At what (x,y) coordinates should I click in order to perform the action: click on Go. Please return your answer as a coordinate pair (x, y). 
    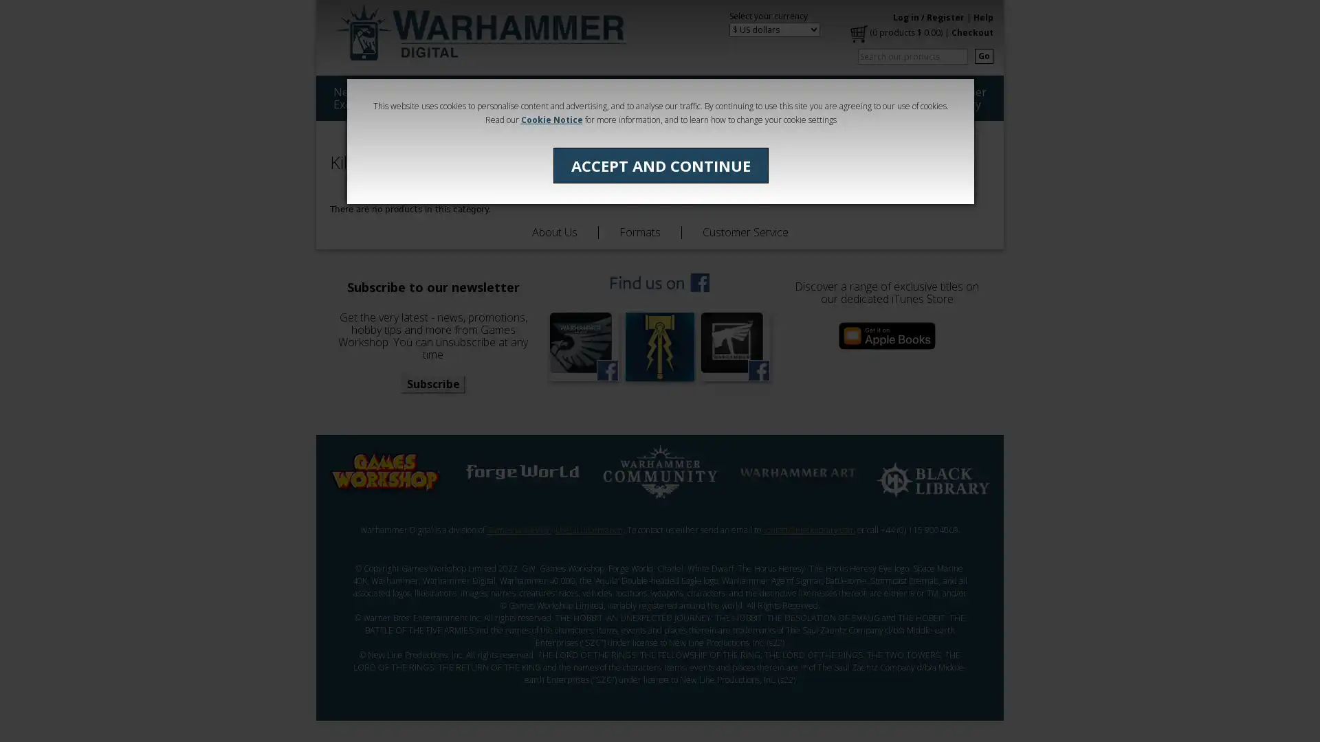
    Looking at the image, I should click on (983, 55).